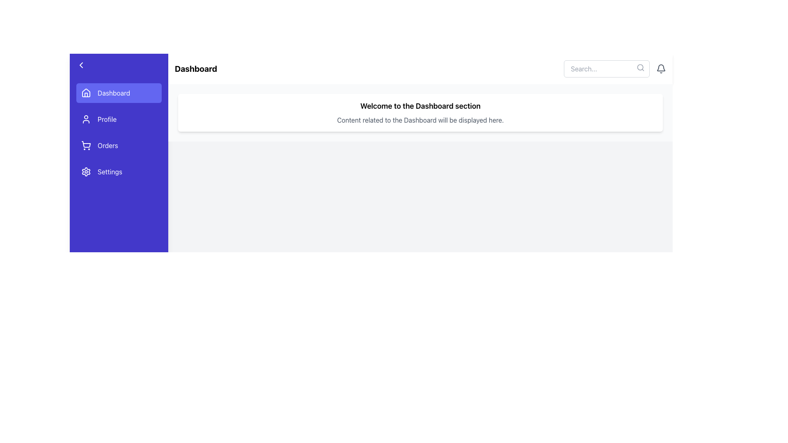 The width and height of the screenshot is (788, 443). What do you see at coordinates (118, 132) in the screenshot?
I see `the 'Orders' navigation link in the vertical menu located on the left sidebar` at bounding box center [118, 132].